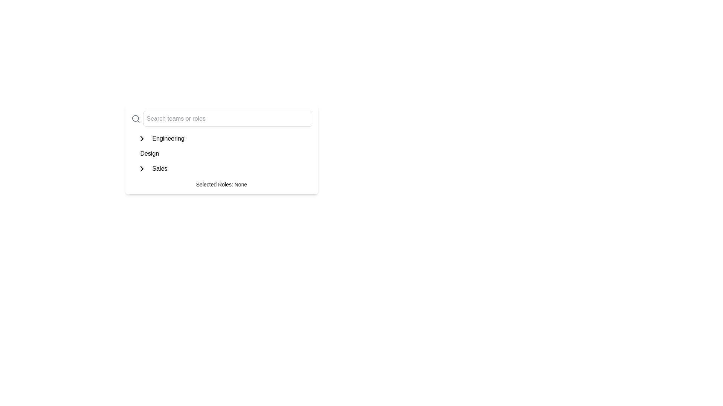 This screenshot has width=723, height=406. Describe the element at coordinates (230, 139) in the screenshot. I see `the 'Engineering' button, which is a rectangular button with rounded corners and a light background, located above the 'Design' and 'Sales' options in the list` at that location.